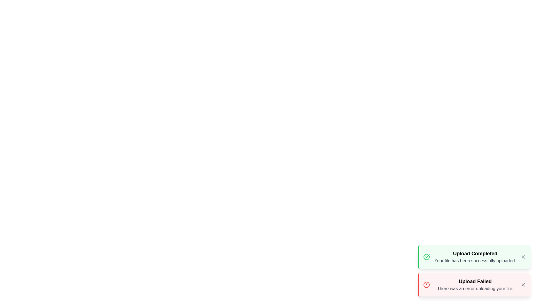 This screenshot has height=301, width=535. What do you see at coordinates (475, 254) in the screenshot?
I see `the static text label indicating successful upload completion located in the top line of the notification card` at bounding box center [475, 254].